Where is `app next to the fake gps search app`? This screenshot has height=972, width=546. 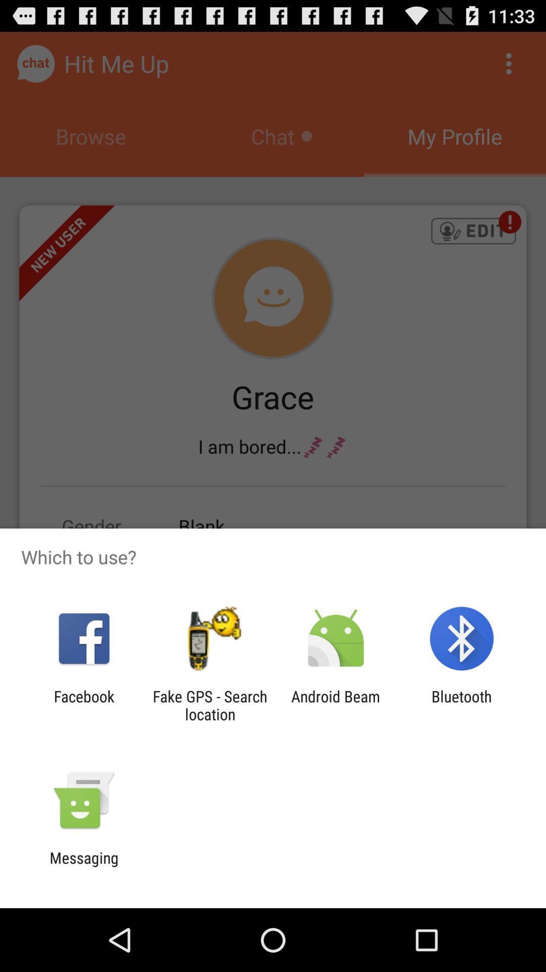 app next to the fake gps search app is located at coordinates (336, 705).